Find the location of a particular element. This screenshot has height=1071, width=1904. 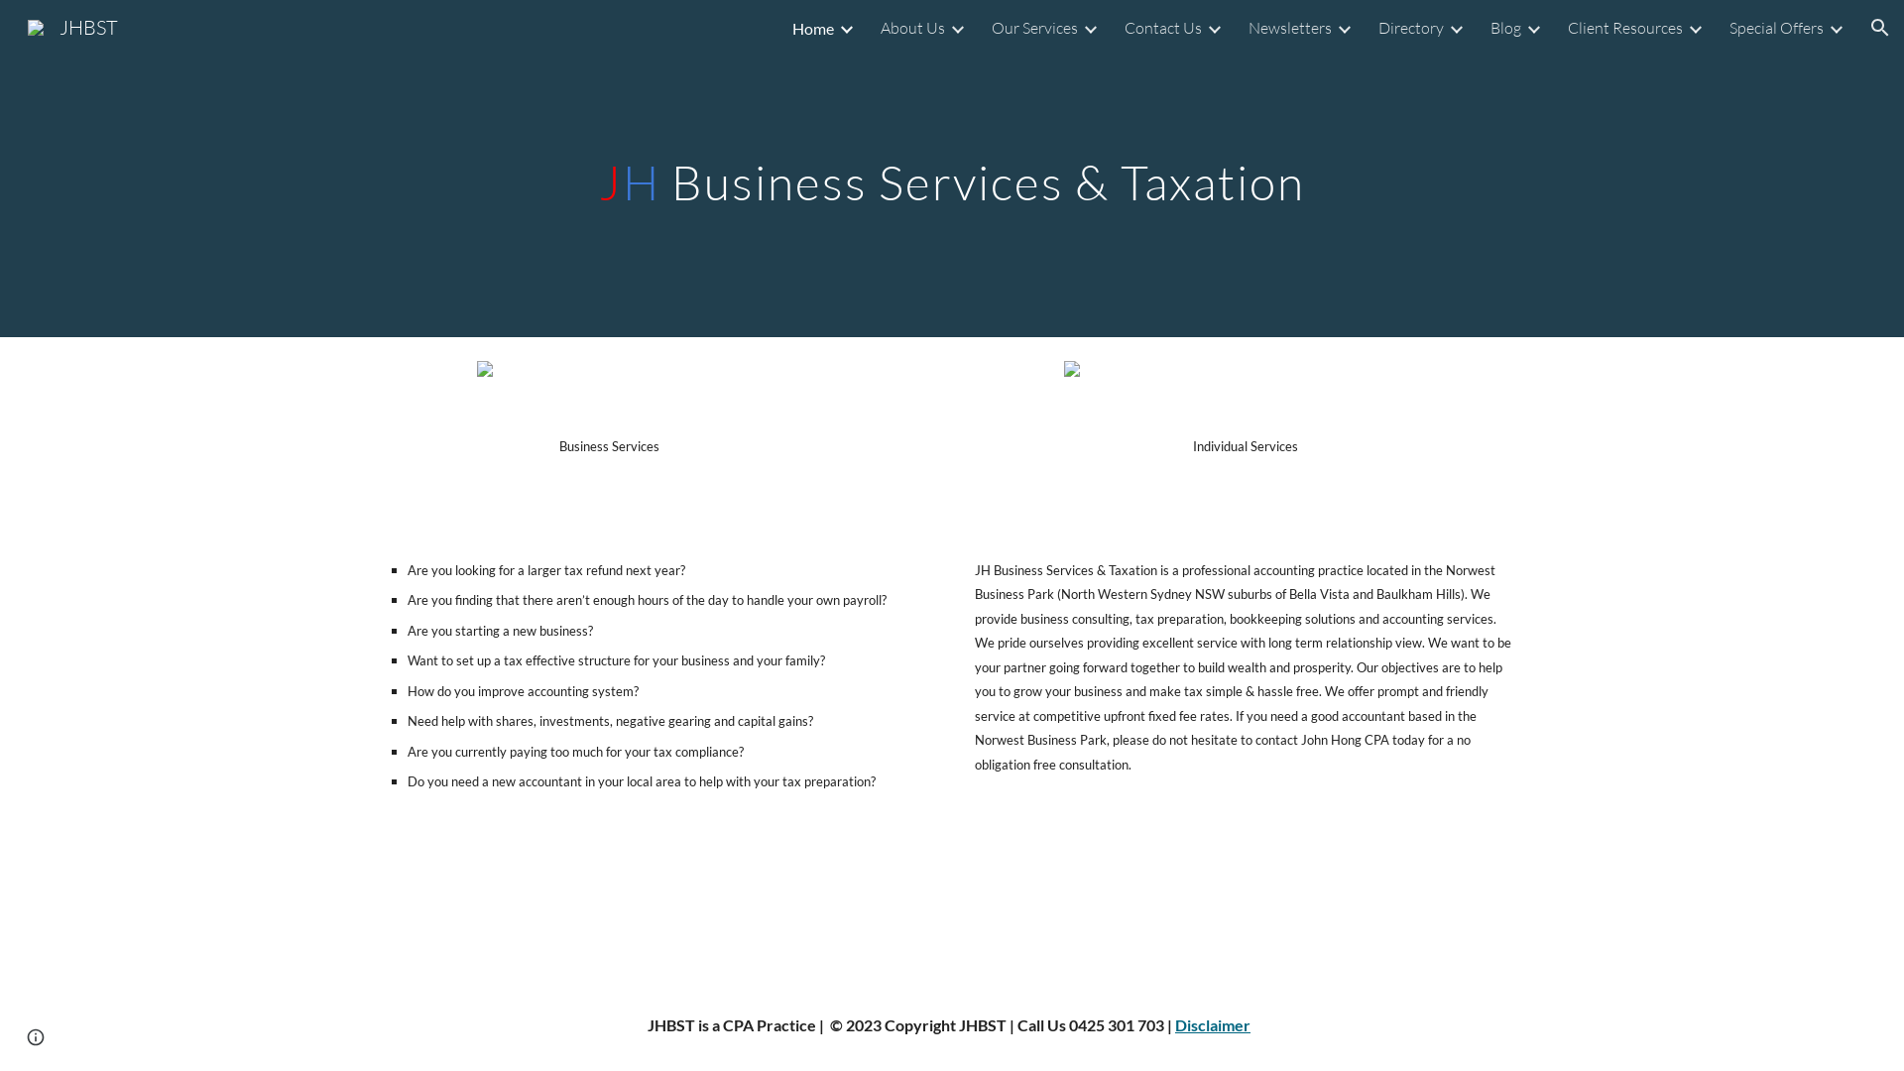

'Newsletters' is located at coordinates (1289, 27).